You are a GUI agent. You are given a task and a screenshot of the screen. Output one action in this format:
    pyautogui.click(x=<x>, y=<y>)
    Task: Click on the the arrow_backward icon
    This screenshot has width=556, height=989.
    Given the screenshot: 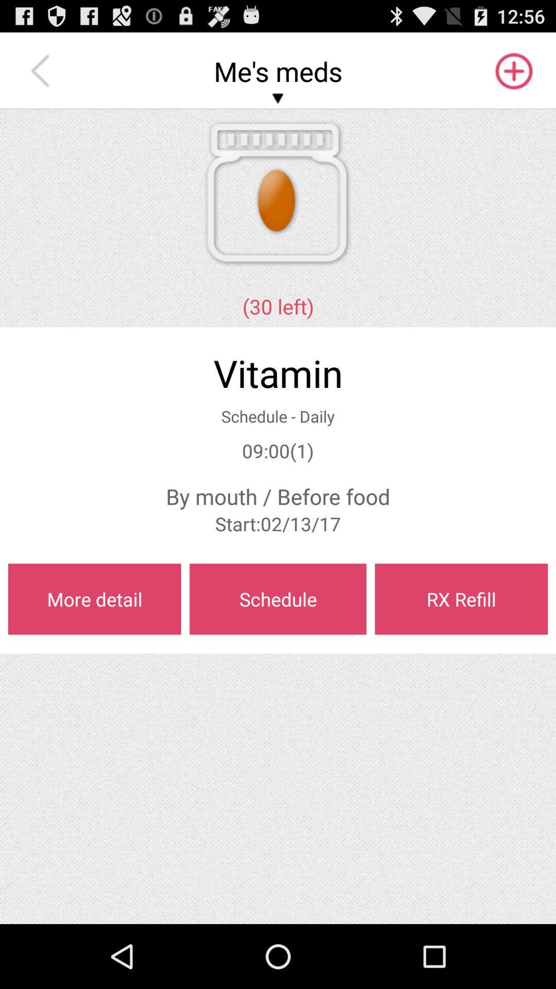 What is the action you would take?
    pyautogui.click(x=42, y=76)
    